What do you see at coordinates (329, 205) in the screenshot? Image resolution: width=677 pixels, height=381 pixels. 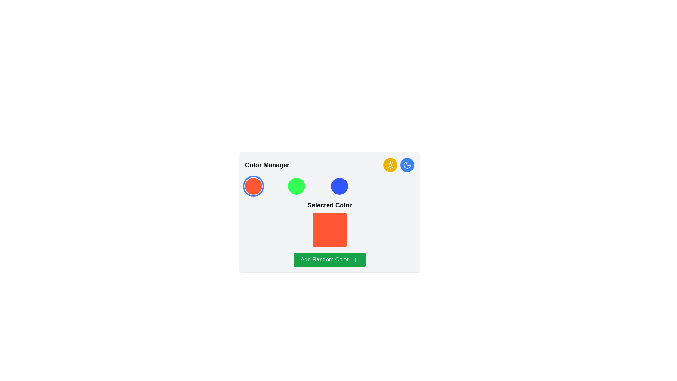 I see `the text label indicating the currently selected color, which is positioned above the square color box and below three circular color selections` at bounding box center [329, 205].